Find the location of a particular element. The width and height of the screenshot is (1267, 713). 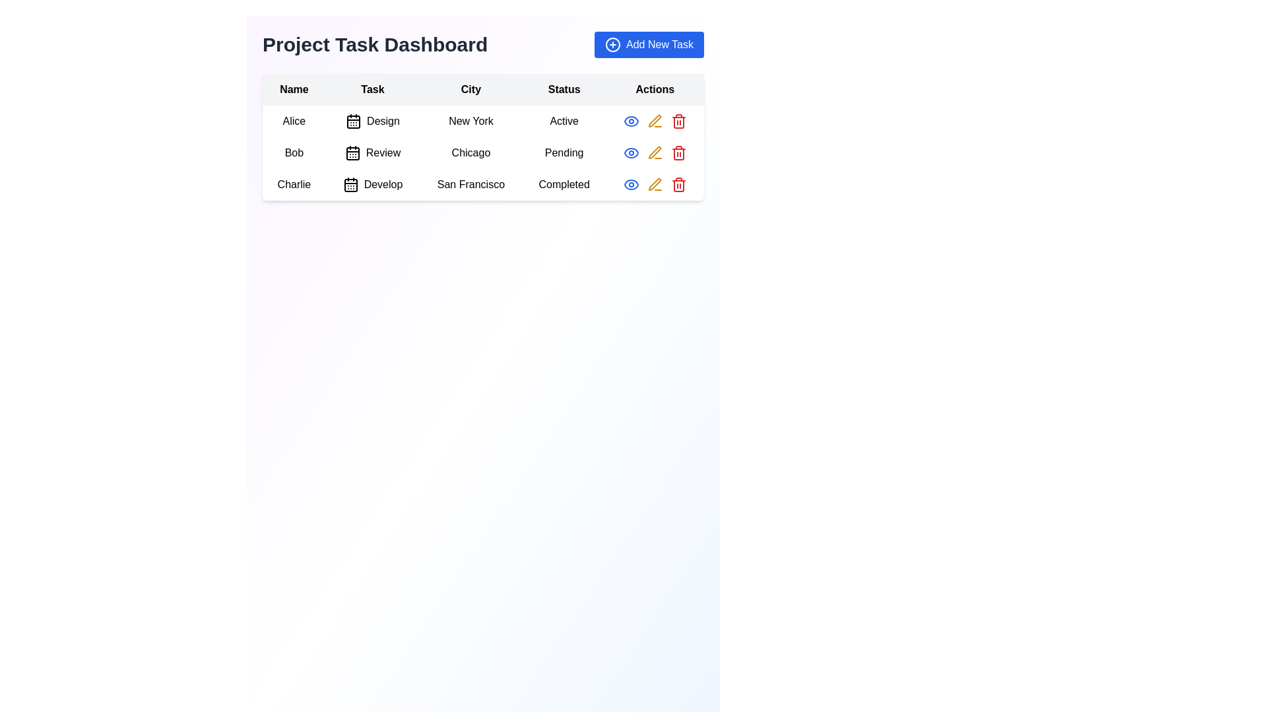

the decorative vector graphic within the 'Add New Task' button located in the top-right corner of the 'Project Task Dashboard' is located at coordinates (612, 44).